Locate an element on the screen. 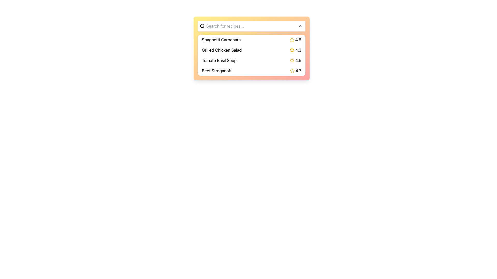 This screenshot has width=497, height=279. the fourth item is located at coordinates (251, 71).